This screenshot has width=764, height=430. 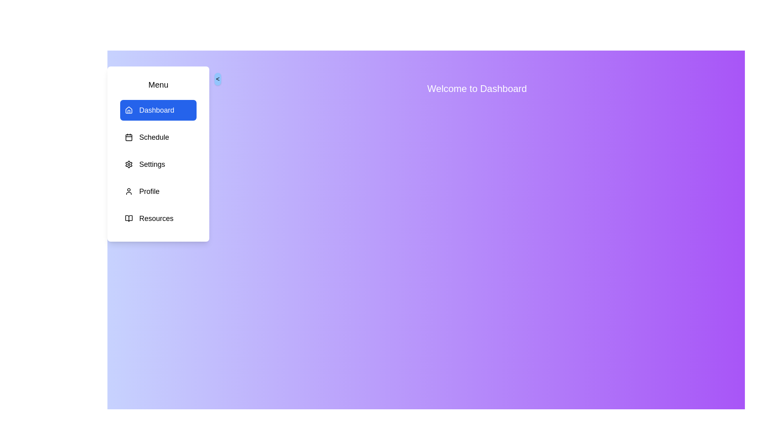 What do you see at coordinates (158, 192) in the screenshot?
I see `the menu item Profile to observe its hover effect` at bounding box center [158, 192].